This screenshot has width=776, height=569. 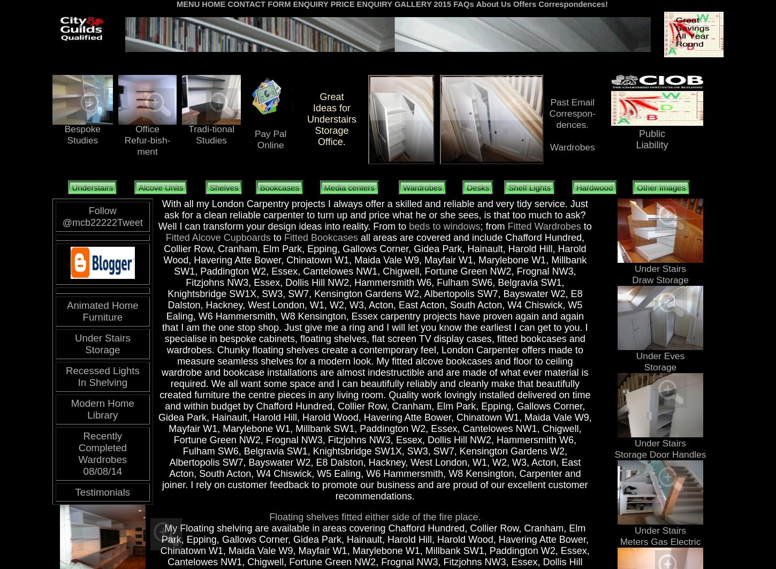 I want to click on 'Office.', so click(x=318, y=141).